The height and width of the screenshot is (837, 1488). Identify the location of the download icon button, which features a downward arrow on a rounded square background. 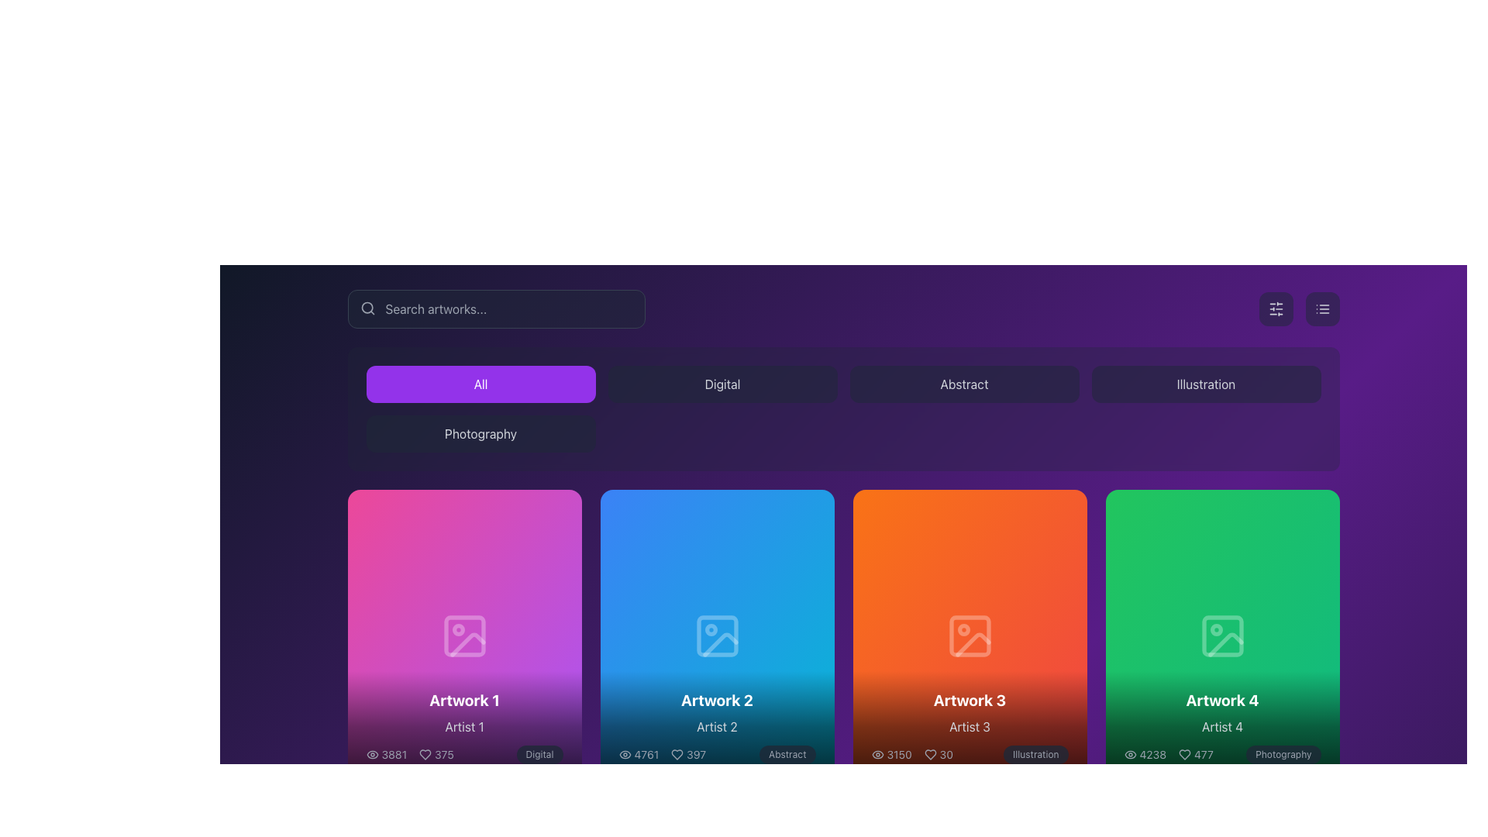
(463, 635).